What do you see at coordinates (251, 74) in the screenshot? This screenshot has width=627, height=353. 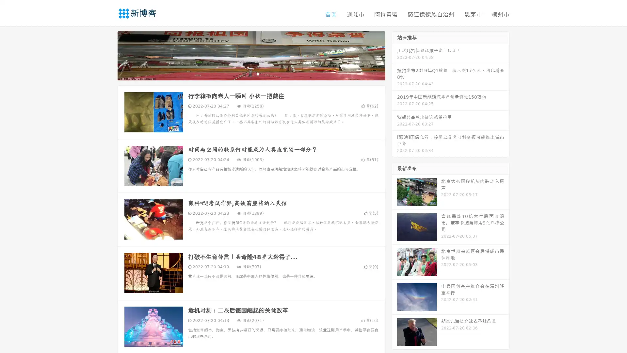 I see `Go to slide 2` at bounding box center [251, 74].